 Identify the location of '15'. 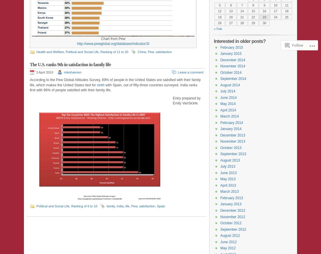
(251, 10).